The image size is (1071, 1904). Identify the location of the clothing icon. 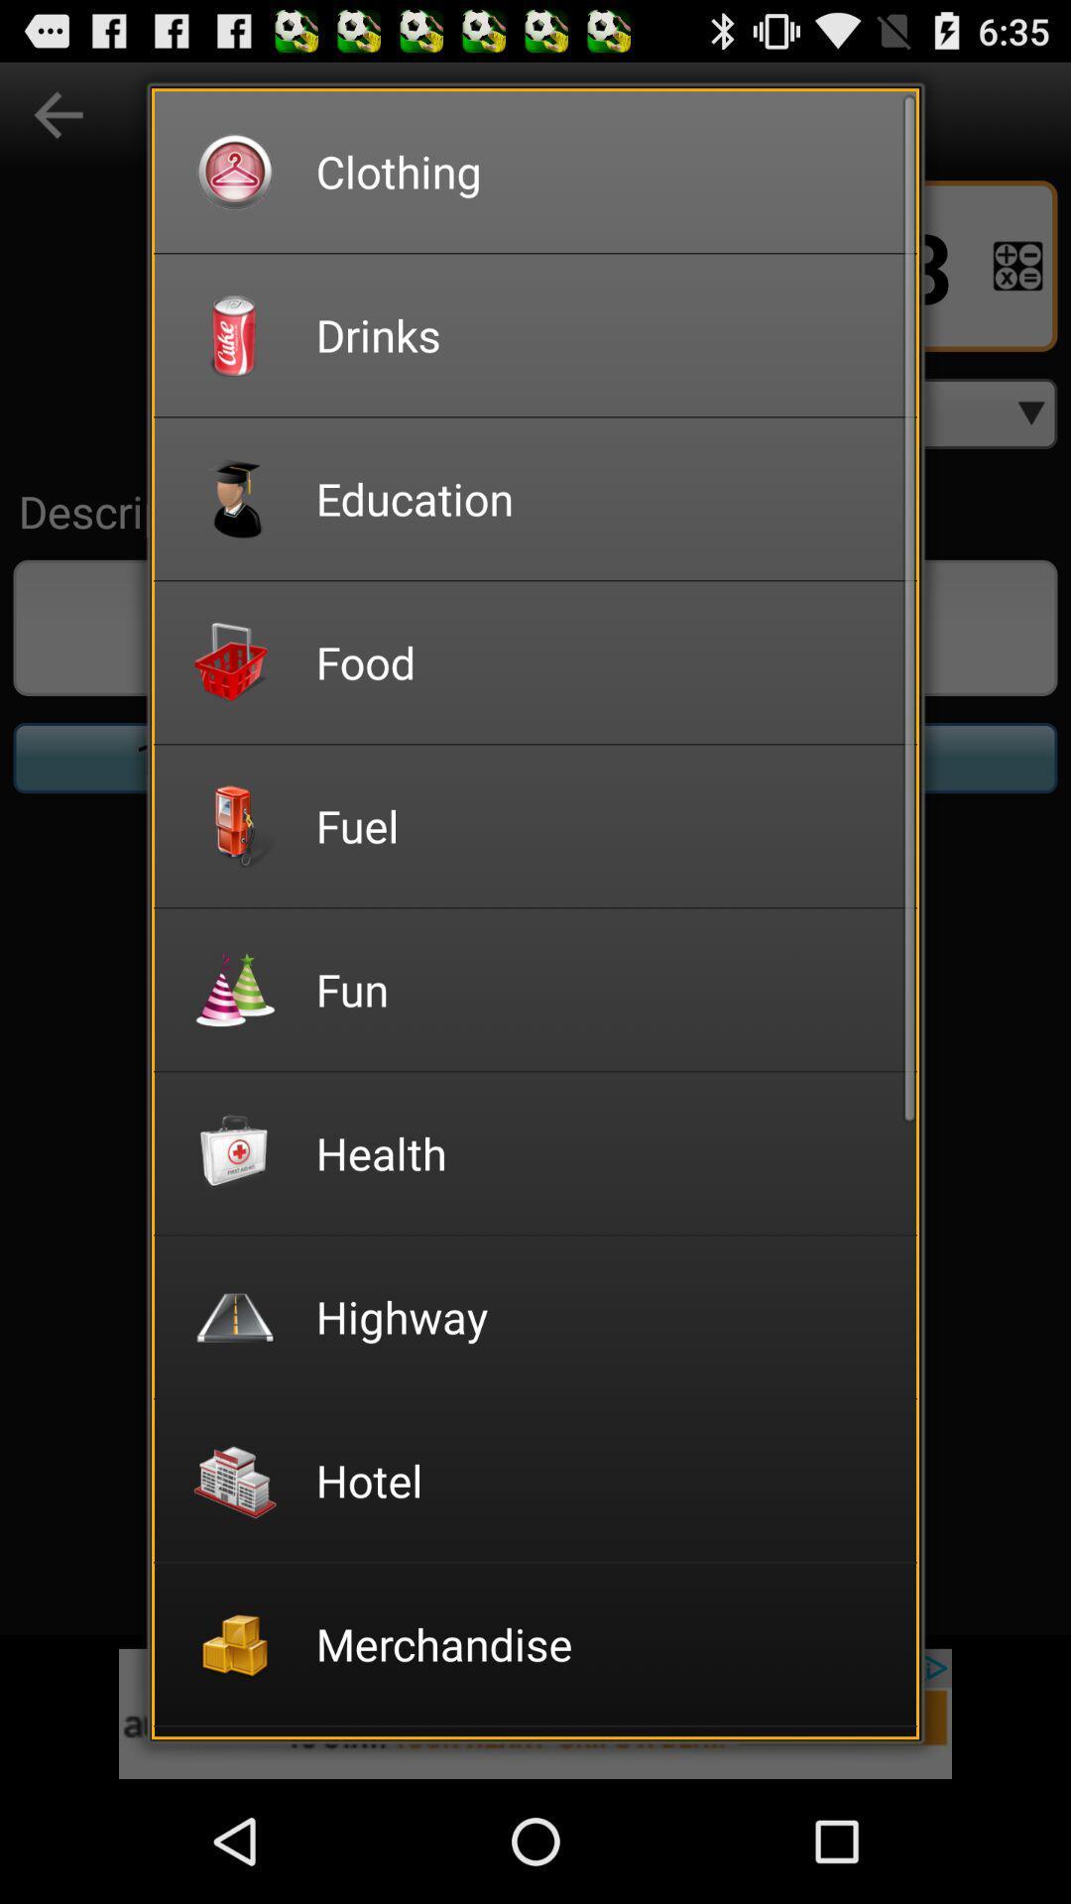
(602, 171).